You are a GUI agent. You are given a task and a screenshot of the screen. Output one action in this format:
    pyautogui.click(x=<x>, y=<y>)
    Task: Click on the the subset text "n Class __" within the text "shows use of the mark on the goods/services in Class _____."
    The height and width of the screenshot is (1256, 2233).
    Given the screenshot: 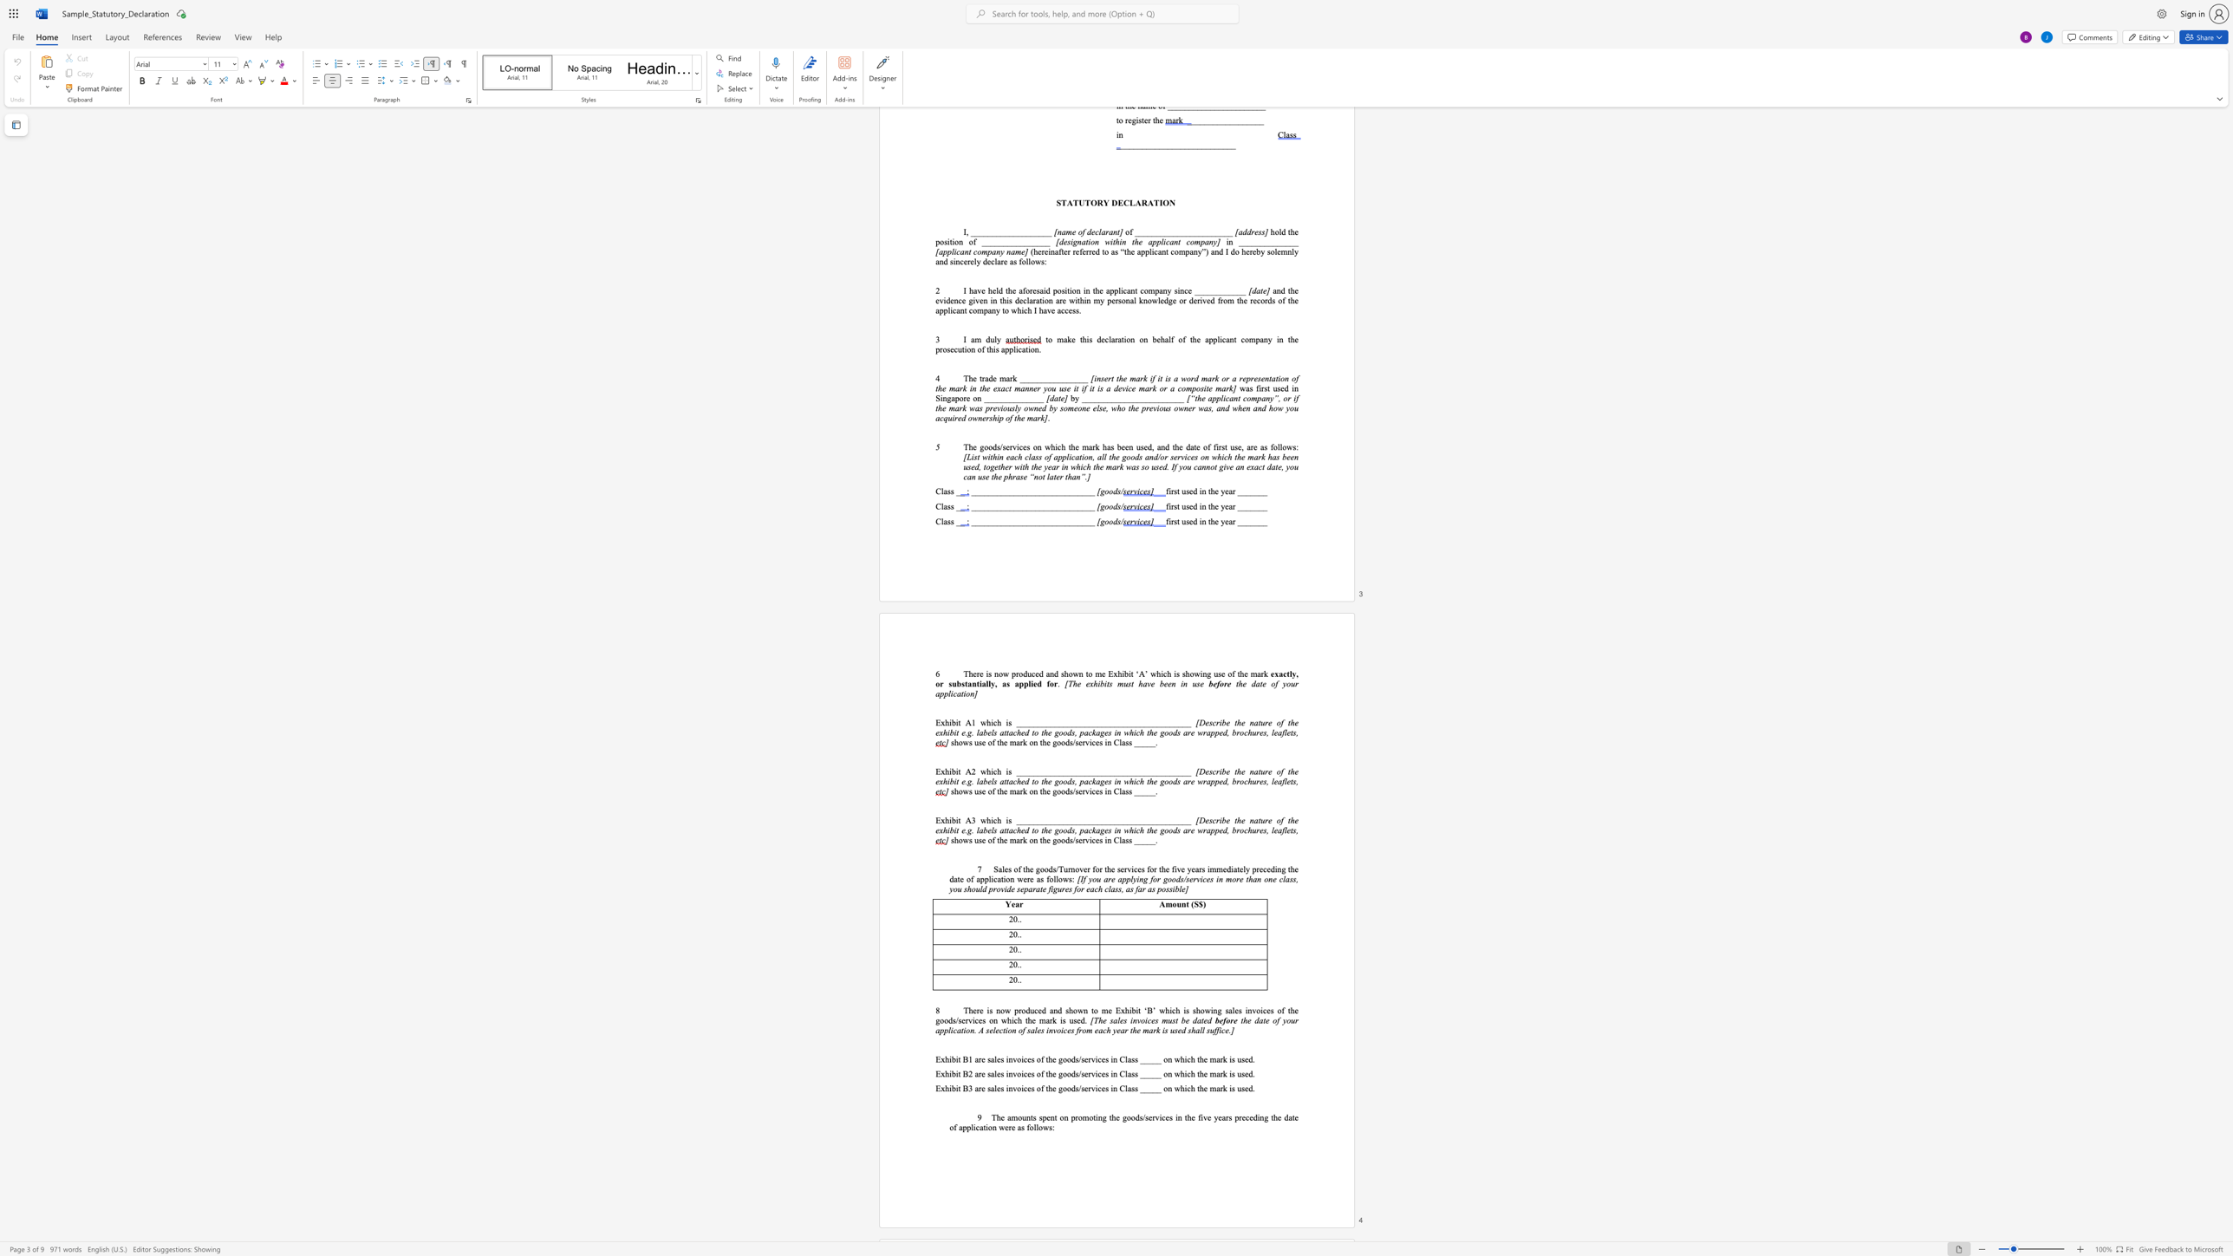 What is the action you would take?
    pyautogui.click(x=1106, y=791)
    